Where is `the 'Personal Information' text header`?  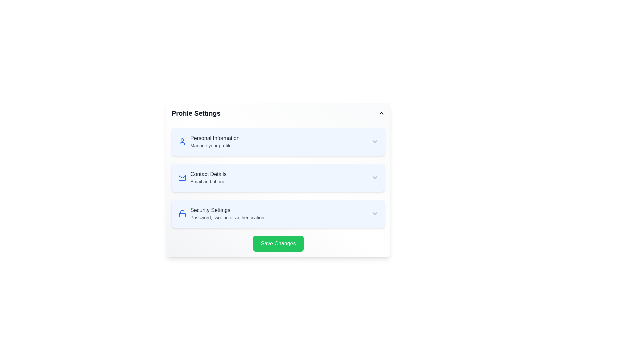 the 'Personal Information' text header is located at coordinates (215, 141).